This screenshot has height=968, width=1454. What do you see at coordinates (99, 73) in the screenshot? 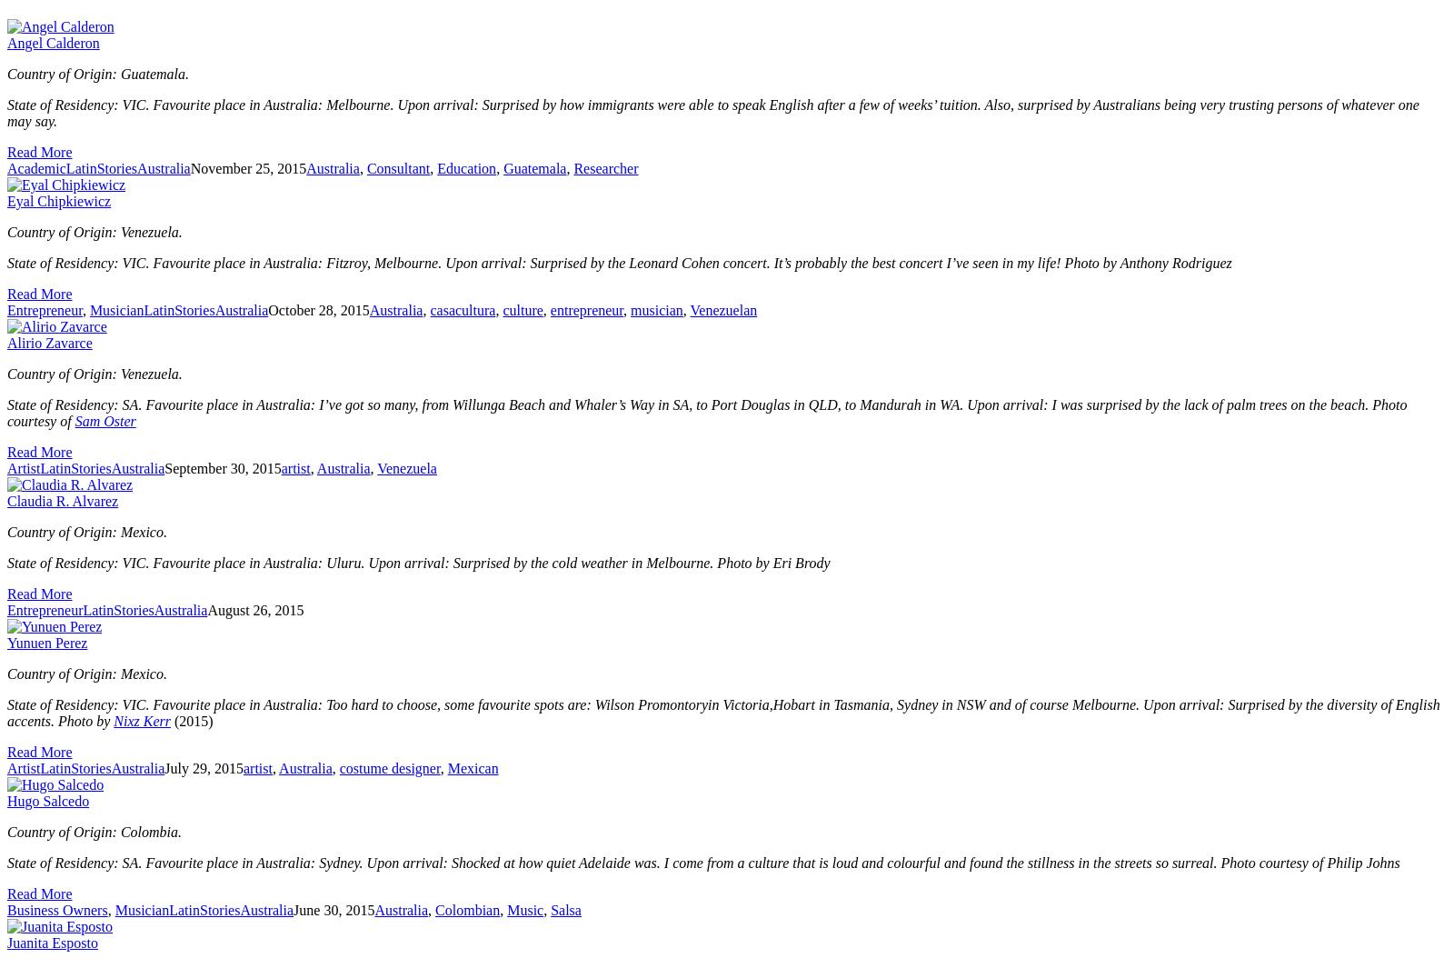
I see `'Country of Origin: Guatemala.'` at bounding box center [99, 73].